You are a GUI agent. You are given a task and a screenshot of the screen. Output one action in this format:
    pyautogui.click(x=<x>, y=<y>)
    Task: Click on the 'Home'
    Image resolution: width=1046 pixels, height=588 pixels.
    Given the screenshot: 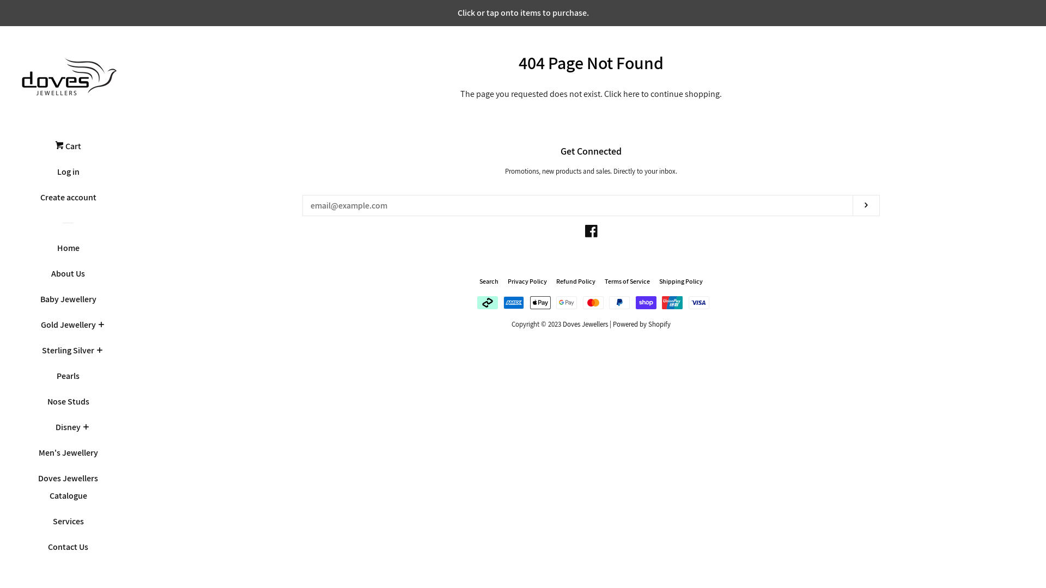 What is the action you would take?
    pyautogui.click(x=67, y=252)
    